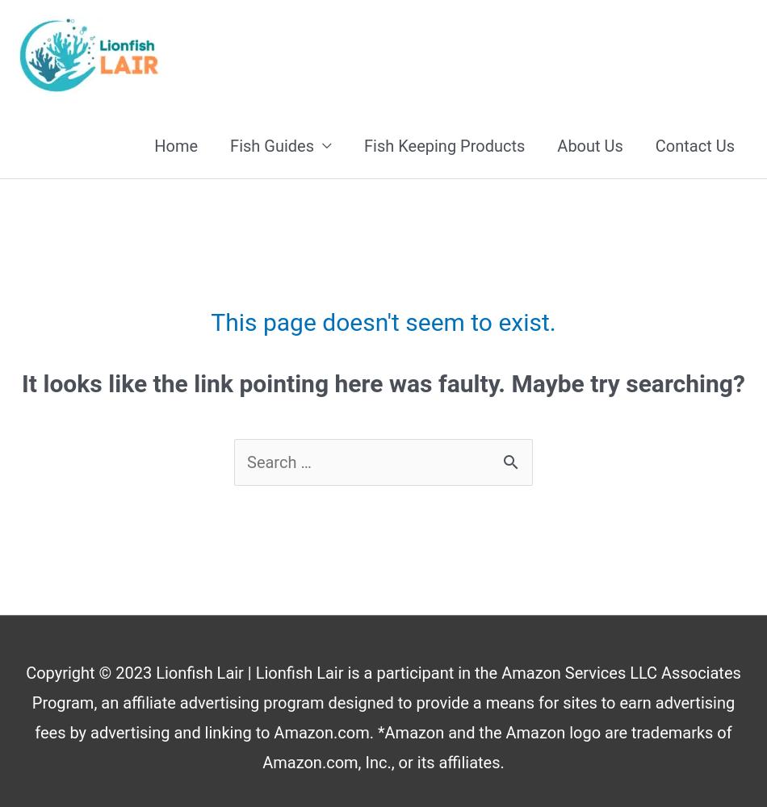 This screenshot has width=767, height=807. Describe the element at coordinates (382, 383) in the screenshot. I see `'It looks like the link pointing here was faulty. Maybe try searching?'` at that location.